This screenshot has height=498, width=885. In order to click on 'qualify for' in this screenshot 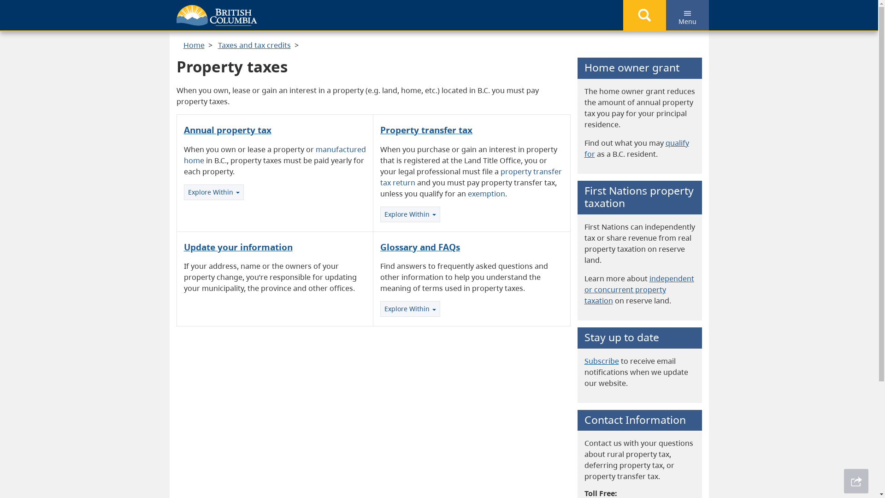, I will do `click(636, 148)`.